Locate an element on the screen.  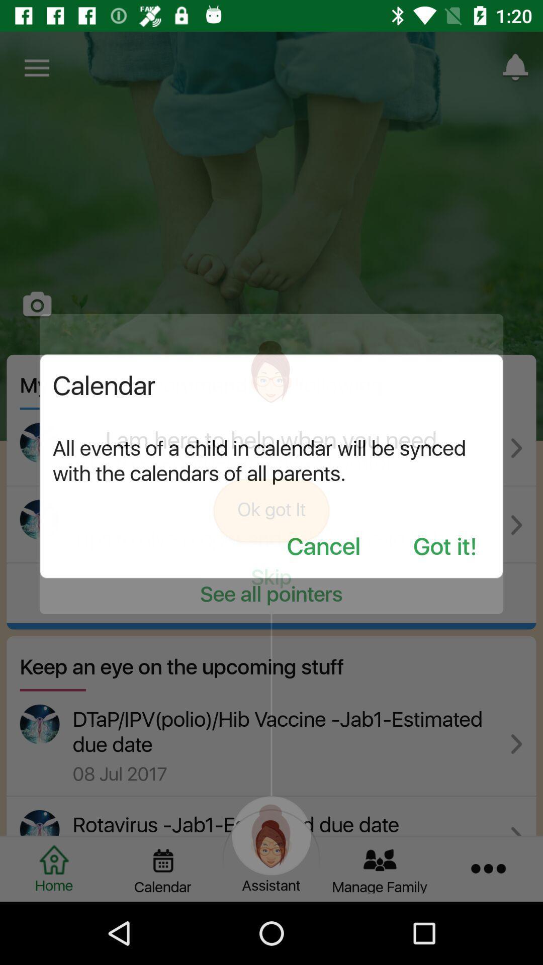
cancel is located at coordinates (323, 547).